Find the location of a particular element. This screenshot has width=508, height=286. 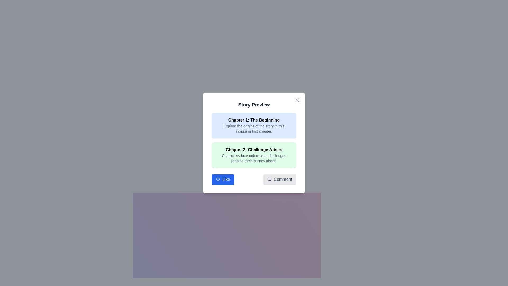

the 'Comment' button, which is a light gray button with rounded edges and a speech bubble icon on the left, located to the right of the 'Like' button in the dialog box is located at coordinates (279, 179).